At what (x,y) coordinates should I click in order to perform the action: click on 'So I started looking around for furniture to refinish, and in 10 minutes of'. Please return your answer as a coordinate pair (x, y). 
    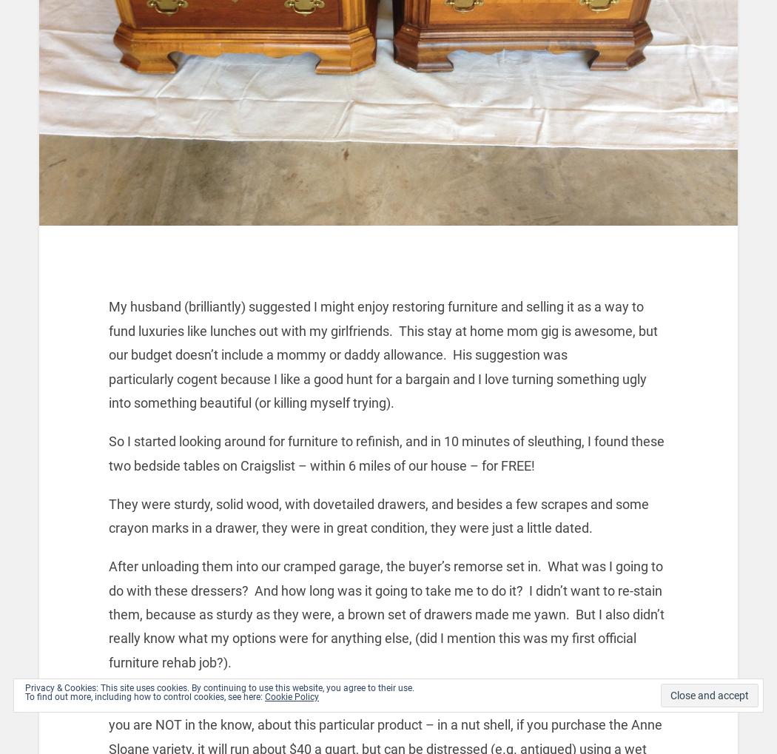
    Looking at the image, I should click on (317, 440).